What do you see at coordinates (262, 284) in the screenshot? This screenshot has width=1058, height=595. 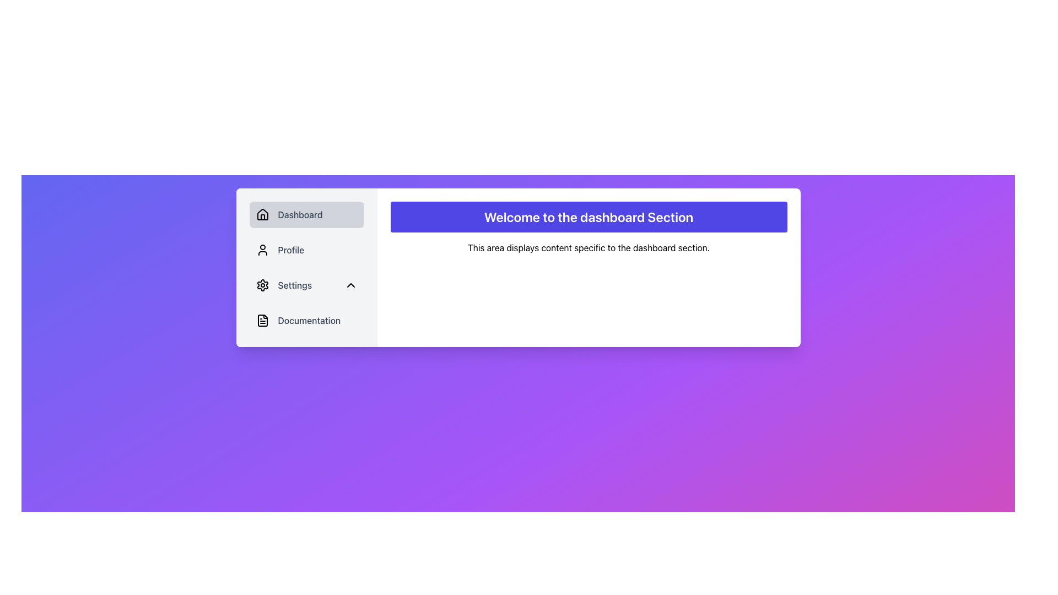 I see `the gear icon associated with the 'Settings' text in the left navigation menu` at bounding box center [262, 284].